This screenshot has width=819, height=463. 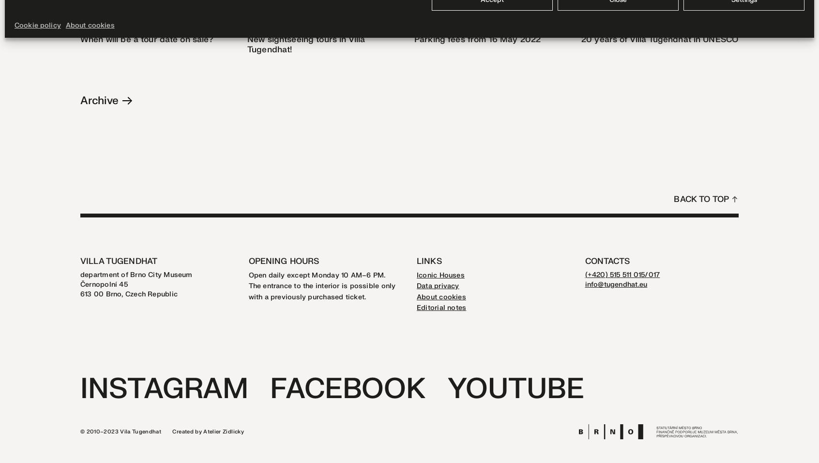 I want to click on 'Opening hours', so click(x=283, y=260).